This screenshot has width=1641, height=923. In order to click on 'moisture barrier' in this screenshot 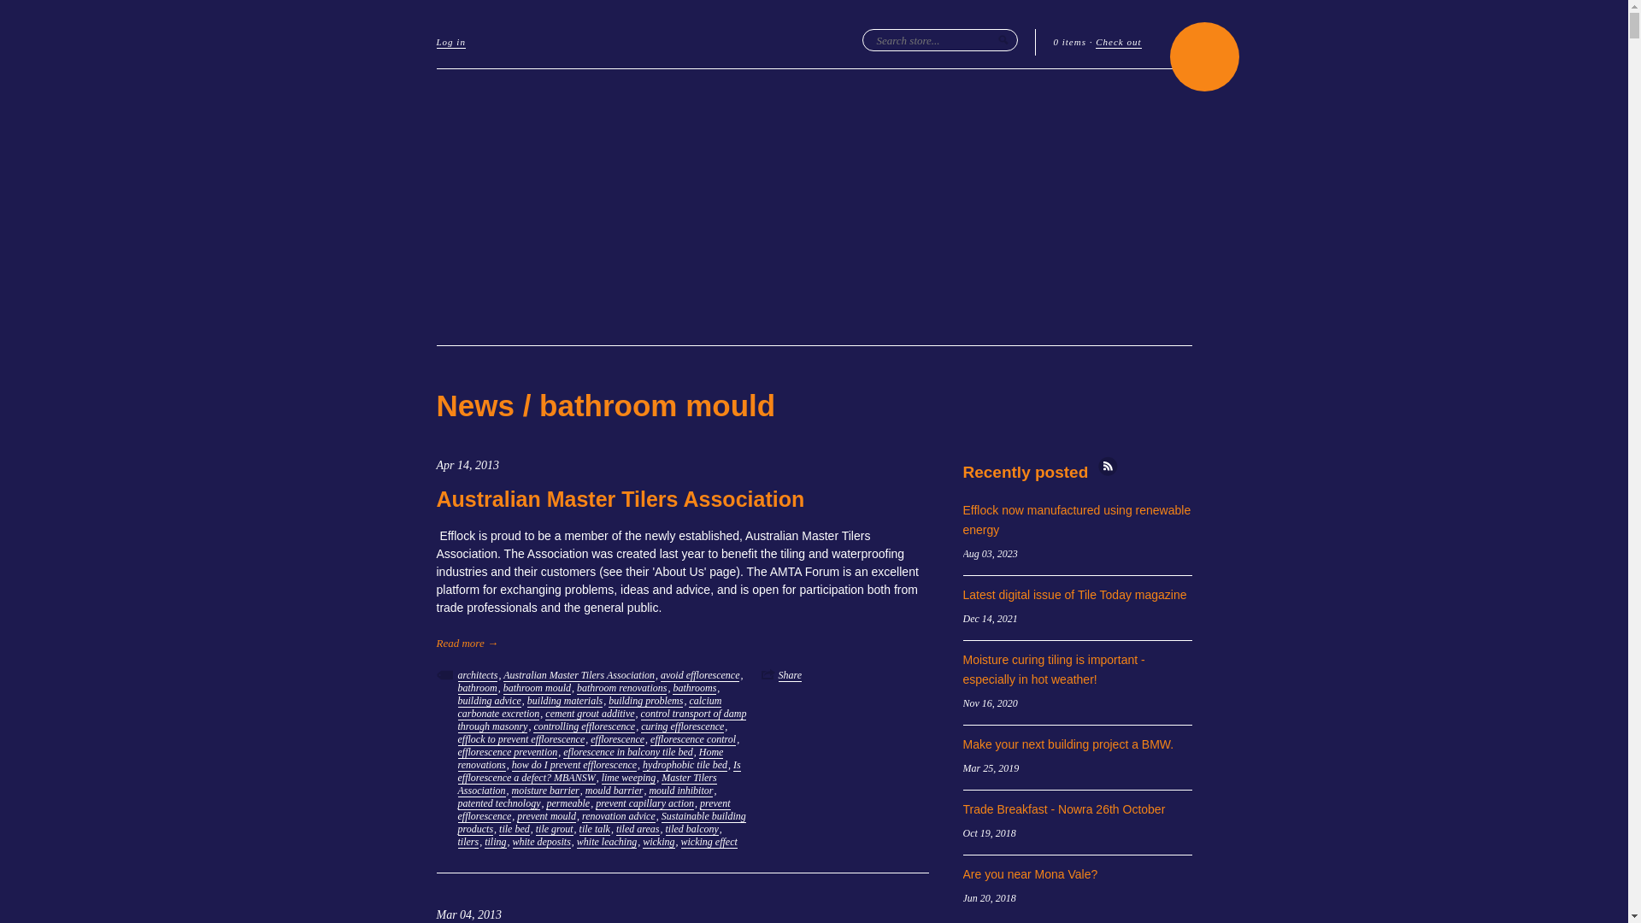, I will do `click(510, 791)`.